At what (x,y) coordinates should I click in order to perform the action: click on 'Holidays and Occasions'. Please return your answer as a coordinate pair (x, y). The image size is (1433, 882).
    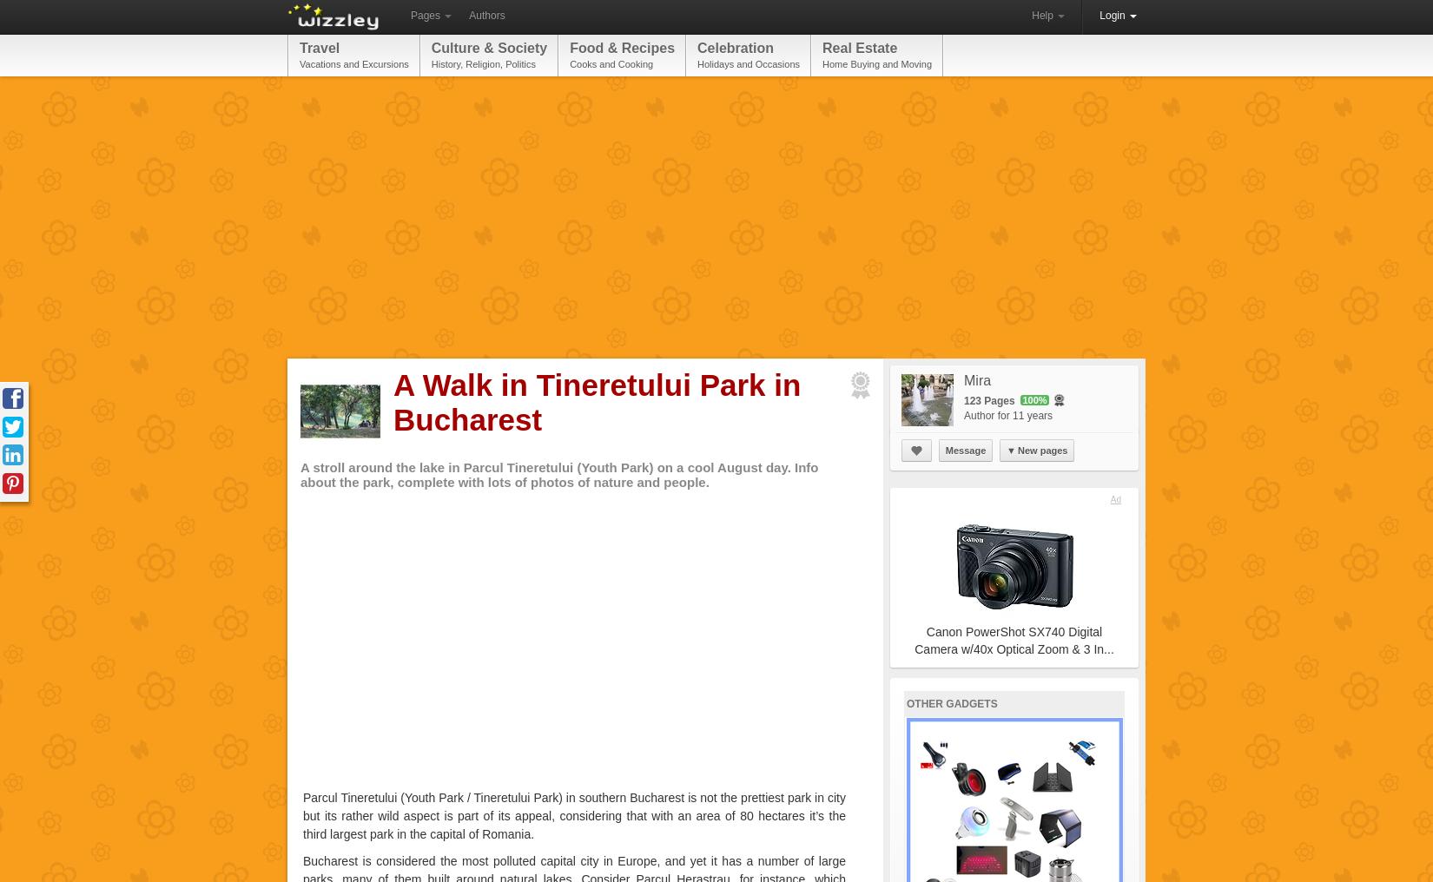
    Looking at the image, I should click on (748, 63).